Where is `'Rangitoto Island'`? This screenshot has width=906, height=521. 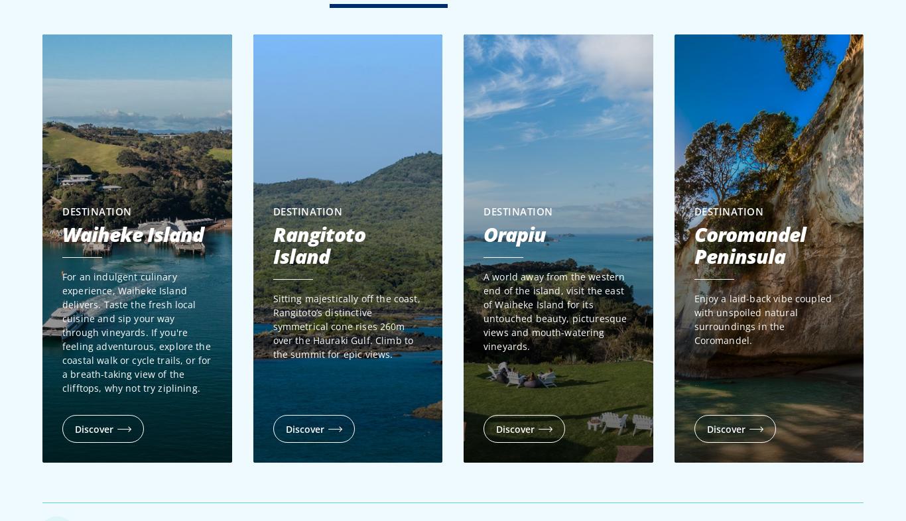
'Rangitoto Island' is located at coordinates (318, 245).